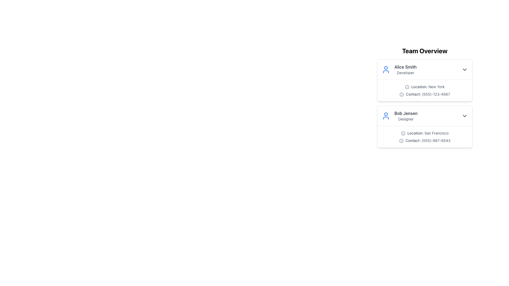 This screenshot has width=509, height=286. Describe the element at coordinates (386, 114) in the screenshot. I see `the smaller circular component of the user profile icon associated with Bob Jensen, located in the upper portion of the profile card` at that location.